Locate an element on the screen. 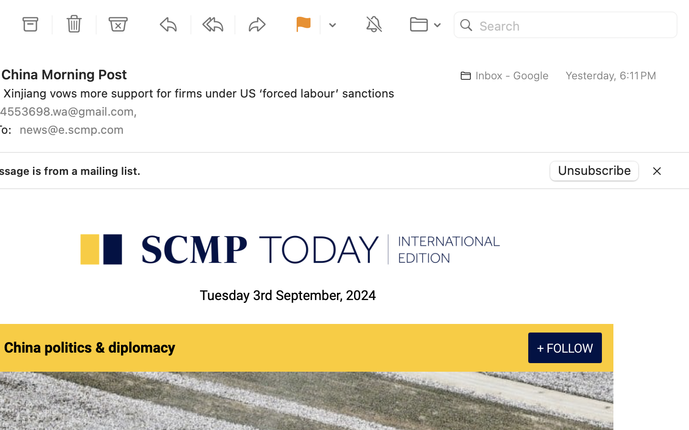  'Yesterday, 6:11 PM' is located at coordinates (611, 75).